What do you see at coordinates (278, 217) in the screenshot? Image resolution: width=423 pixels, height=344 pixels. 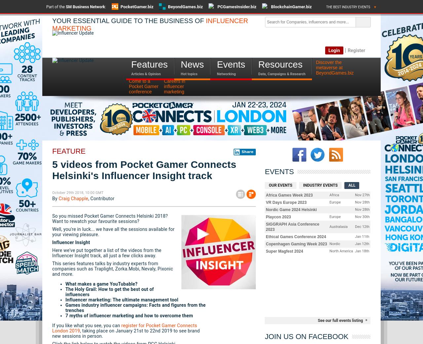 I see `'Playcon 2023'` at bounding box center [278, 217].